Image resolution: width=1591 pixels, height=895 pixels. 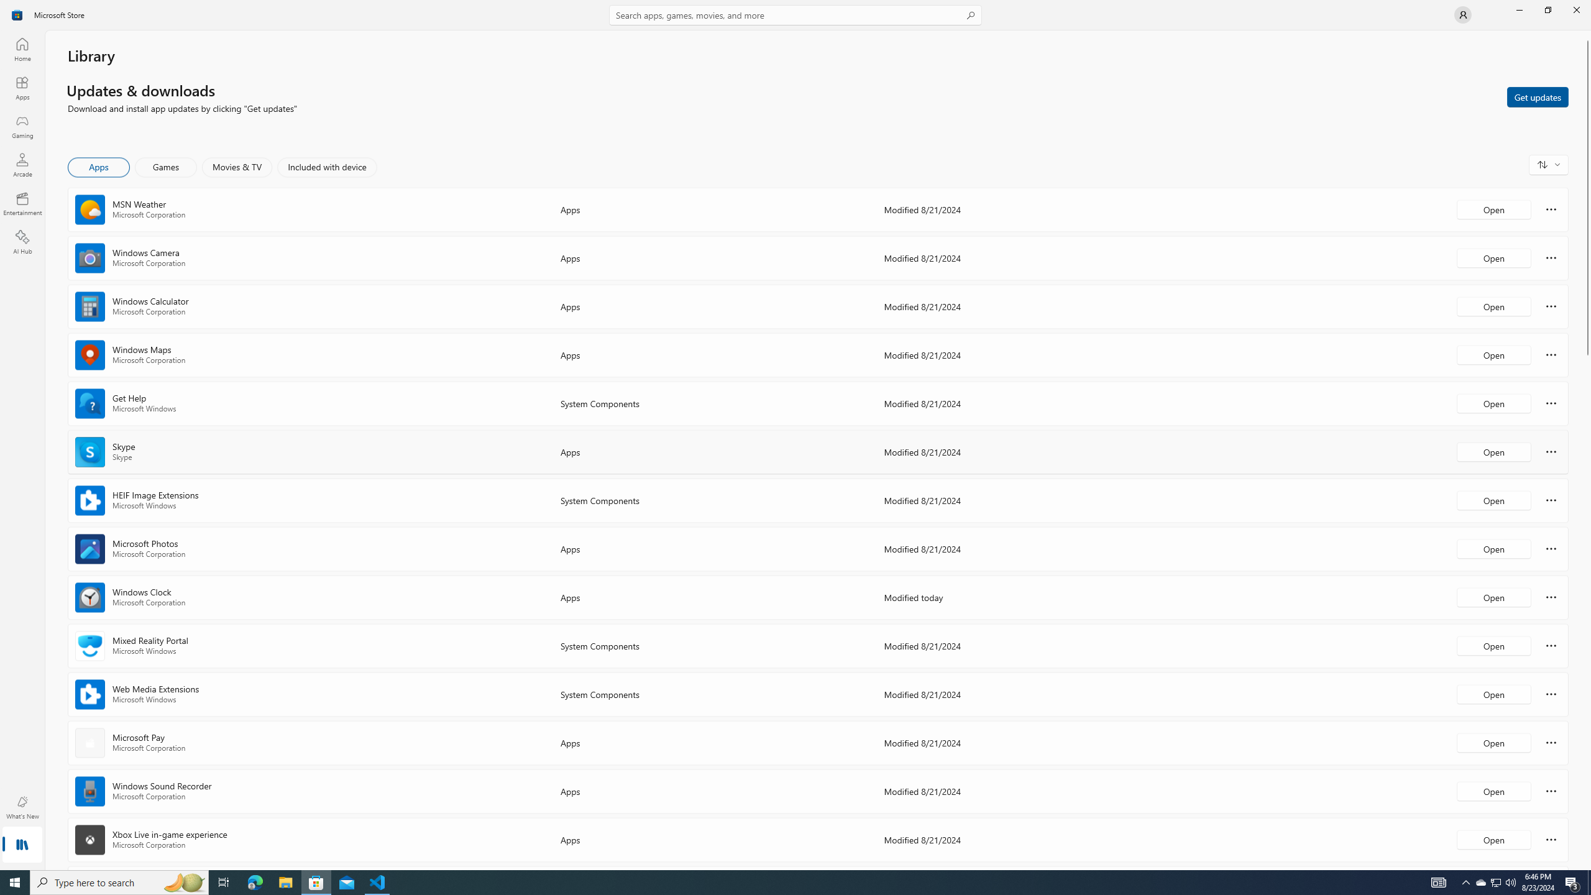 I want to click on 'Minimize Microsoft Store', so click(x=1518, y=9).